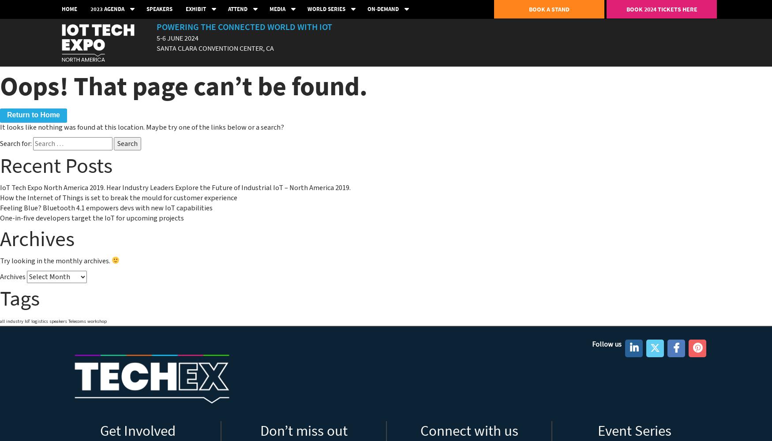 The image size is (772, 441). What do you see at coordinates (260, 430) in the screenshot?
I see `'Don’t miss out'` at bounding box center [260, 430].